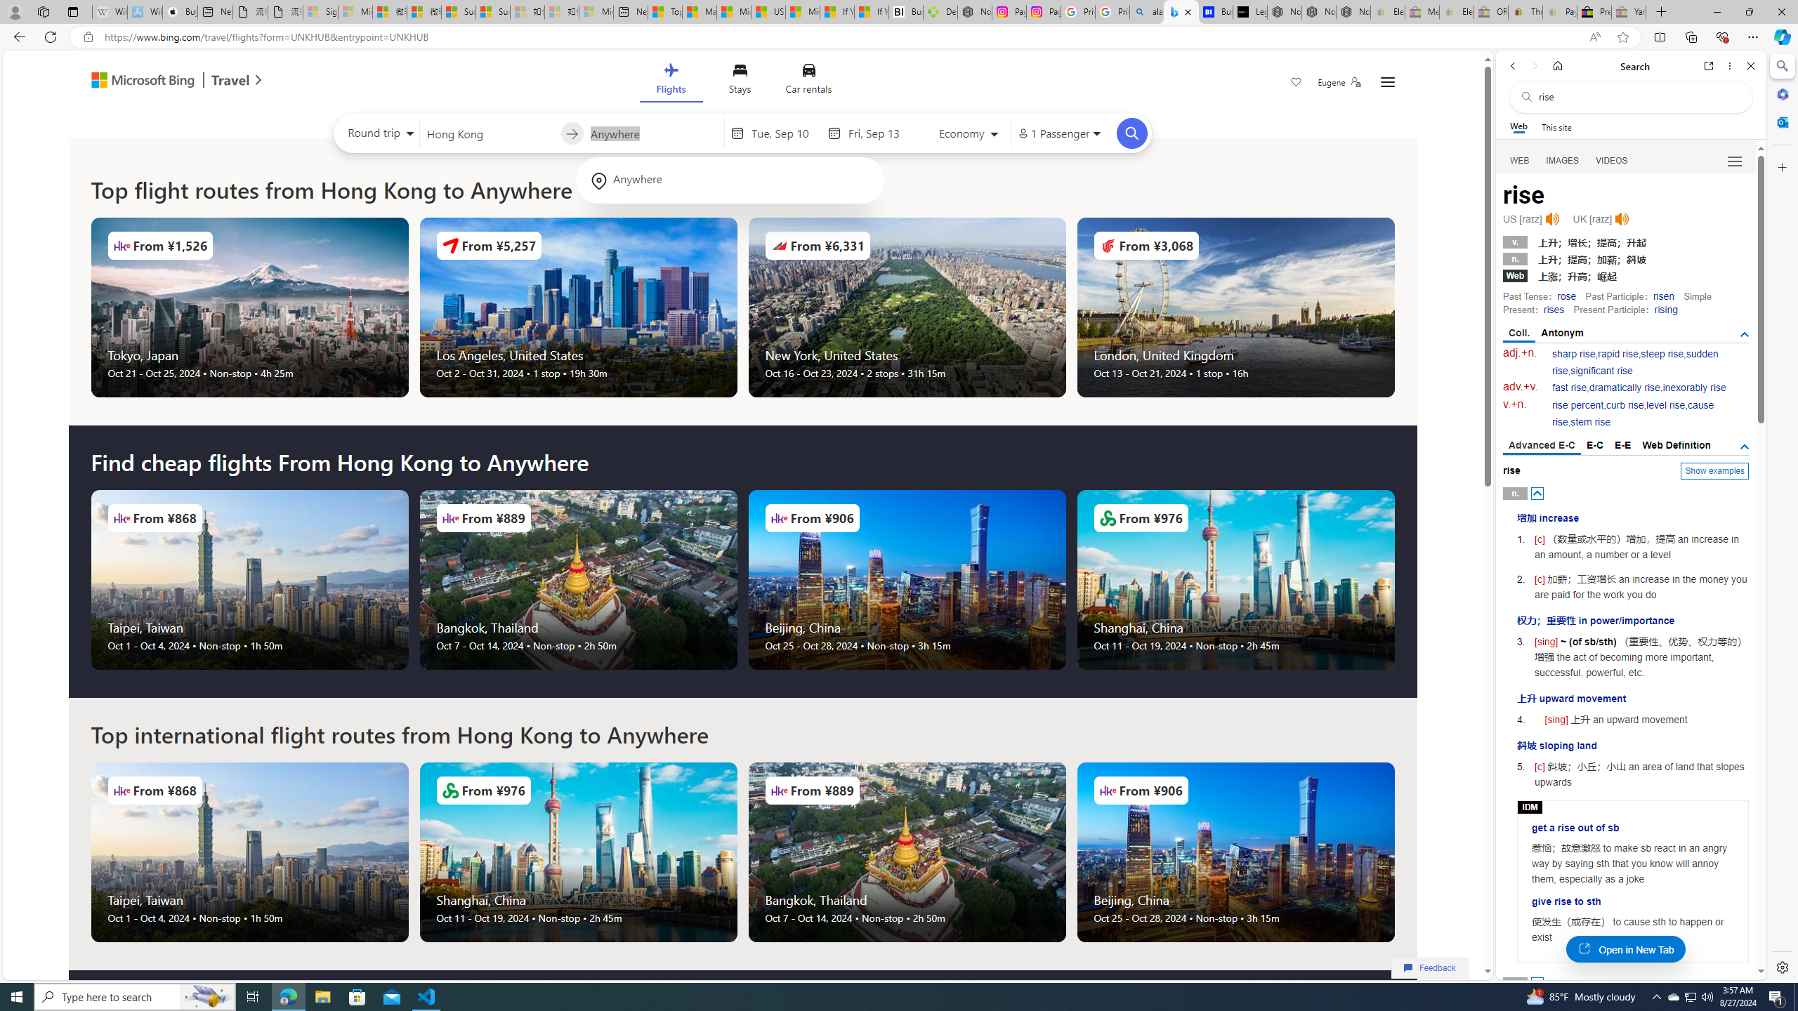 Image resolution: width=1798 pixels, height=1011 pixels. What do you see at coordinates (572, 133) in the screenshot?
I see `'to'` at bounding box center [572, 133].